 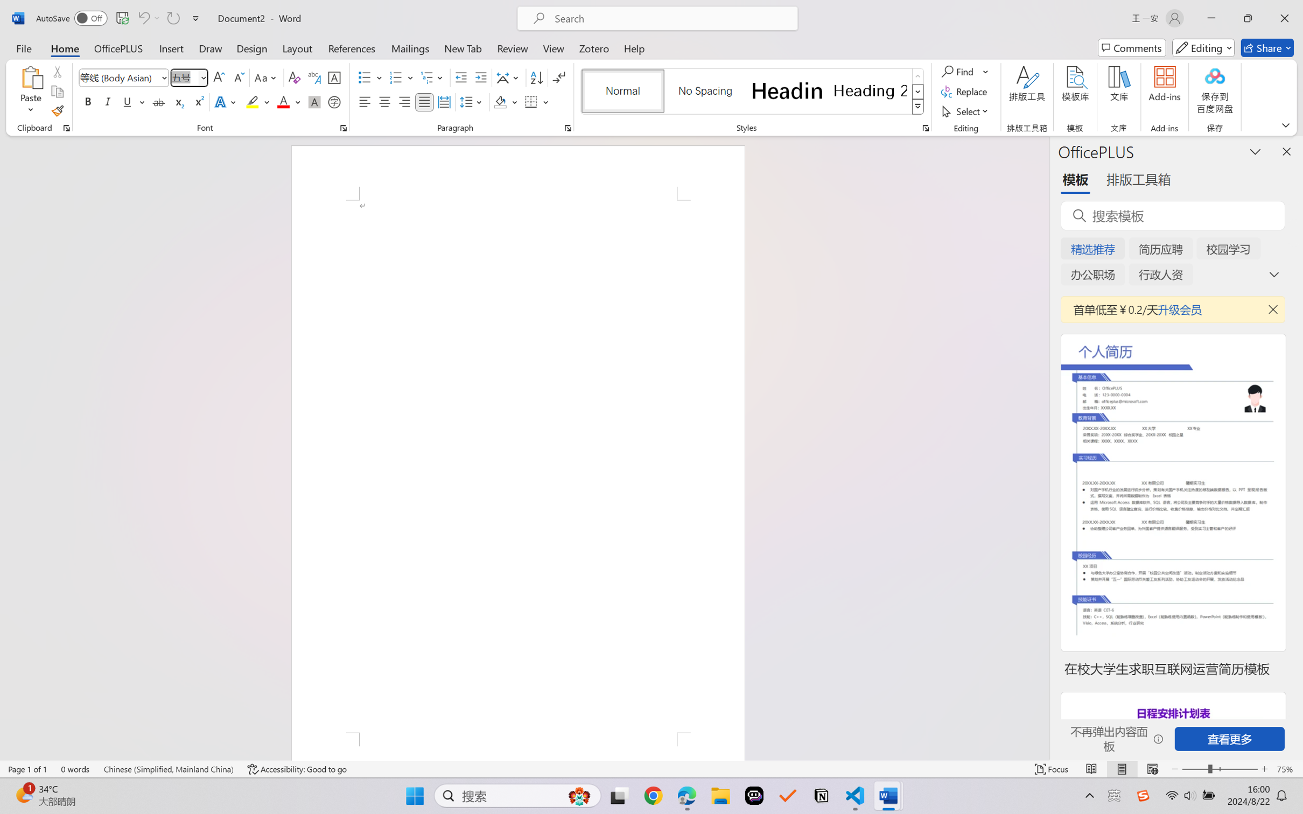 What do you see at coordinates (925, 128) in the screenshot?
I see `'Styles...'` at bounding box center [925, 128].